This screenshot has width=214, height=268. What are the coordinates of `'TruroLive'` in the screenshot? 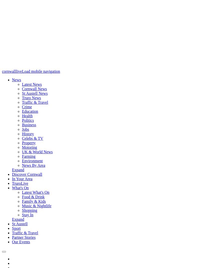 It's located at (20, 183).